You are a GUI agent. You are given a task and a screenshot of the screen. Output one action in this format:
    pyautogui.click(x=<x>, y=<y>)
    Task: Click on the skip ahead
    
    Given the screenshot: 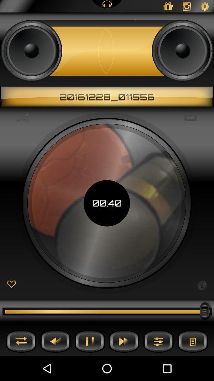 What is the action you would take?
    pyautogui.click(x=124, y=341)
    